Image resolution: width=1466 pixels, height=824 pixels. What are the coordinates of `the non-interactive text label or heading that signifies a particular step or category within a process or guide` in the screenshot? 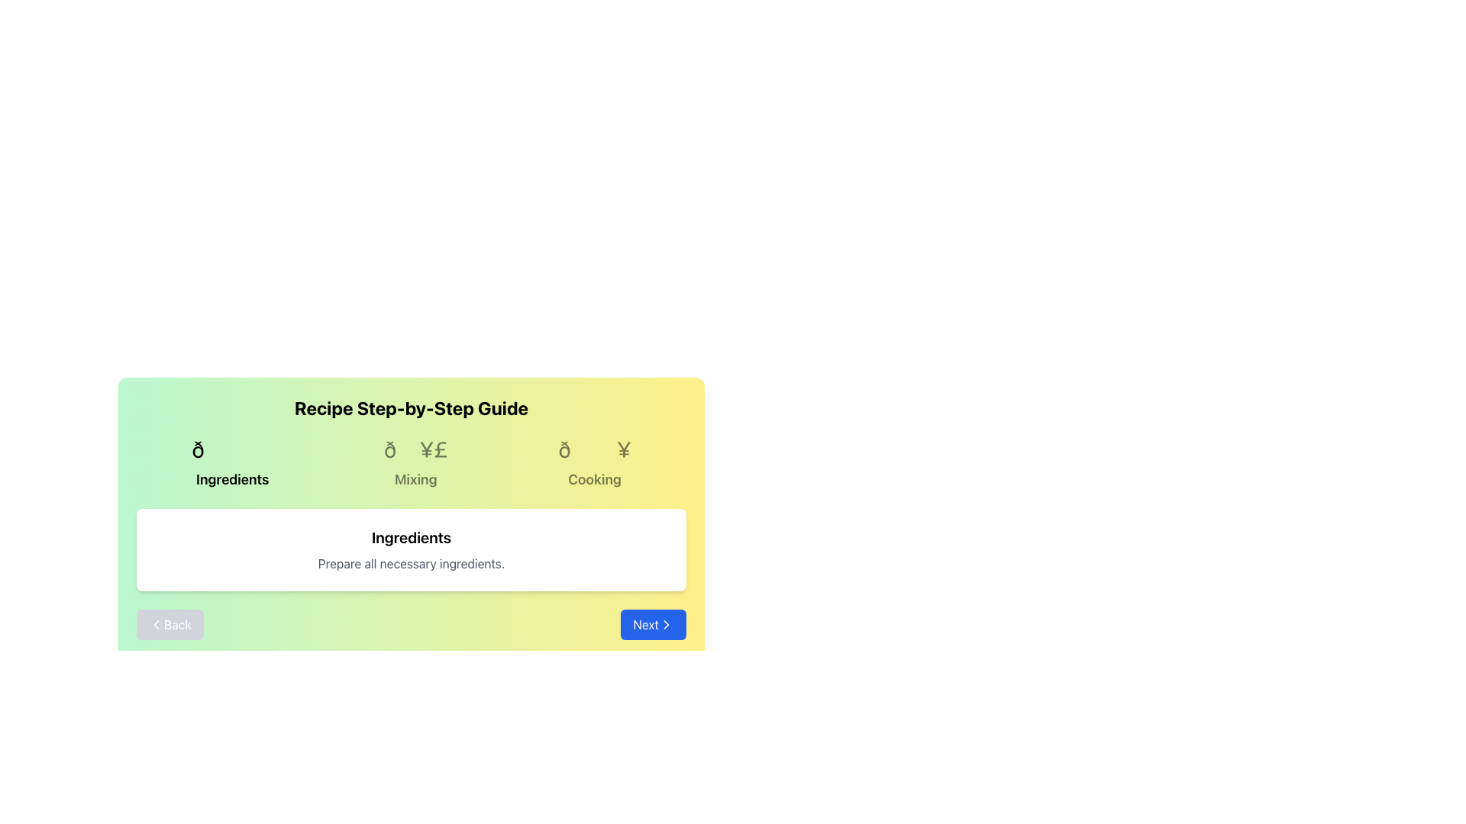 It's located at (415, 478).